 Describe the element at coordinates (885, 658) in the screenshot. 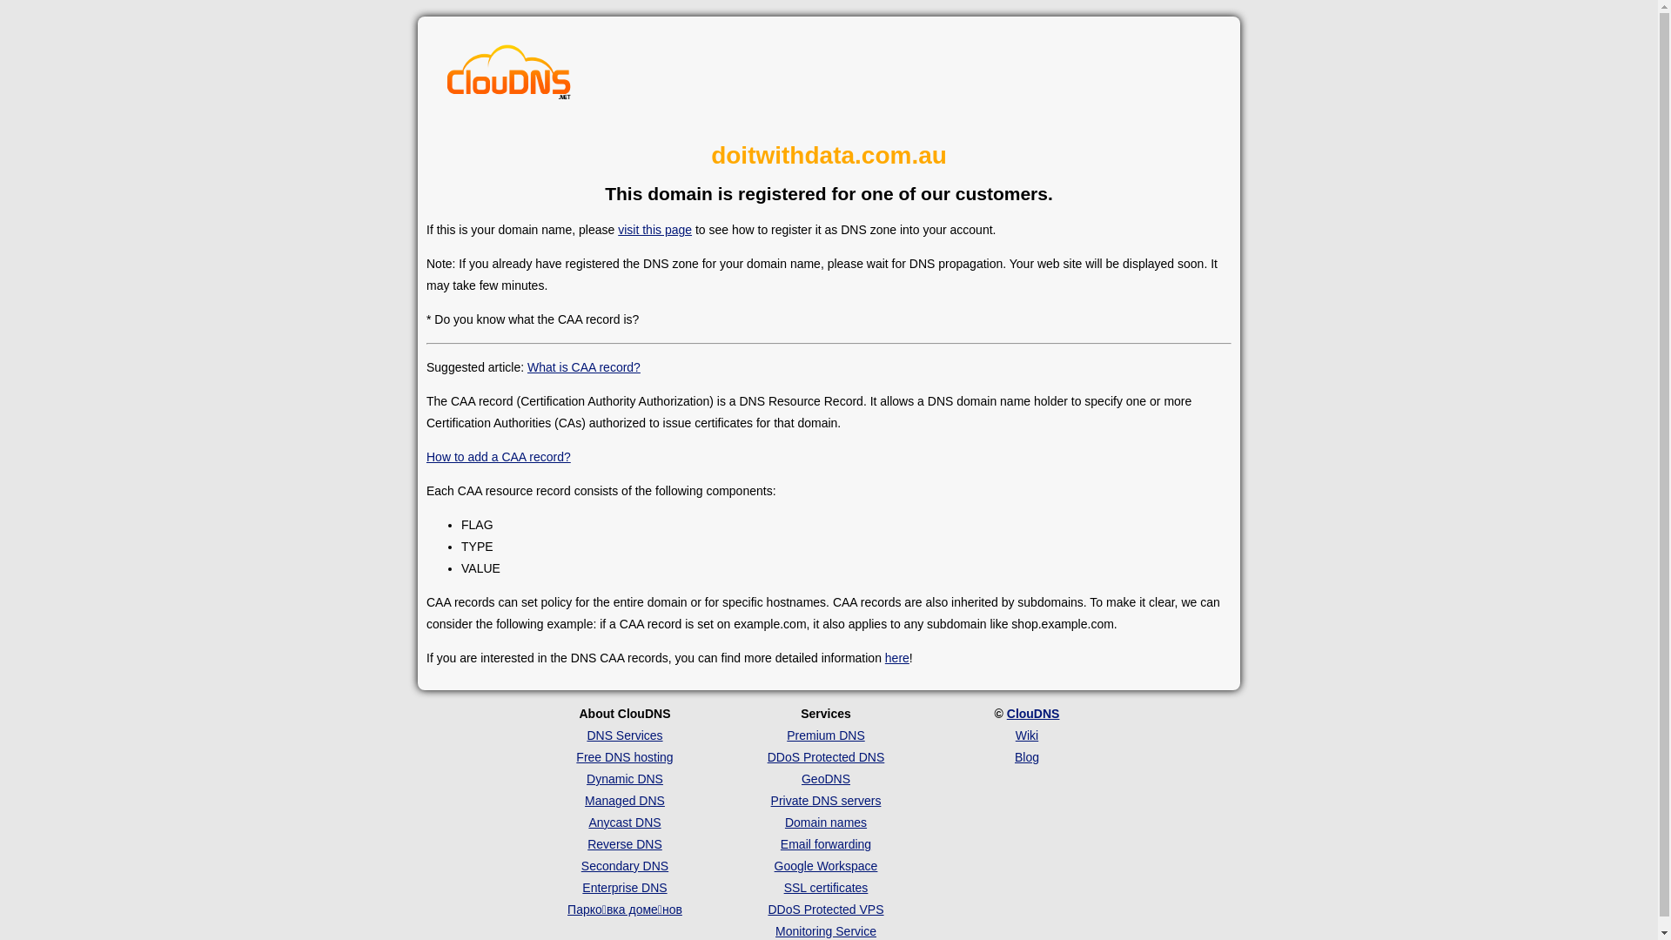

I see `'here'` at that location.